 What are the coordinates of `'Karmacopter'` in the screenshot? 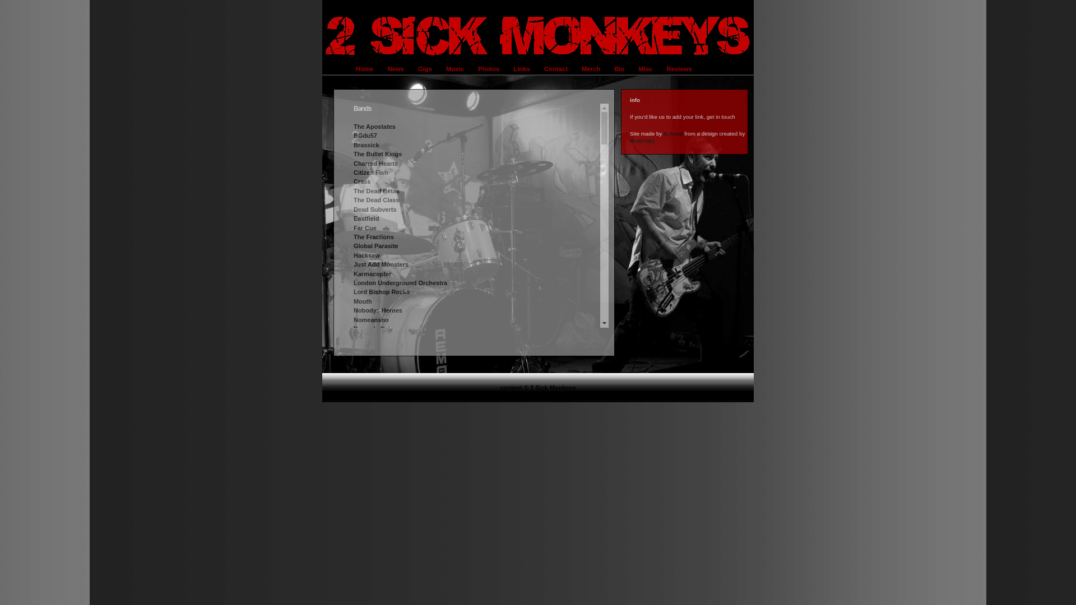 It's located at (372, 274).